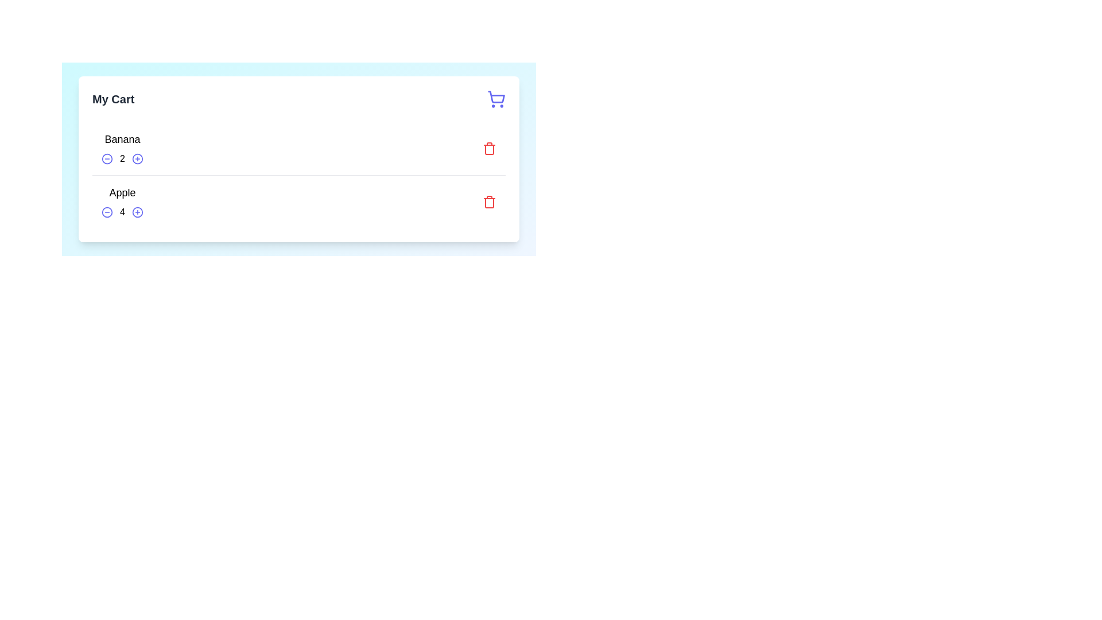  What do you see at coordinates (122, 159) in the screenshot?
I see `the static text displaying the number '2' located between the decrement and increment icons for the item 'Banana' in the 'My Cart' section` at bounding box center [122, 159].